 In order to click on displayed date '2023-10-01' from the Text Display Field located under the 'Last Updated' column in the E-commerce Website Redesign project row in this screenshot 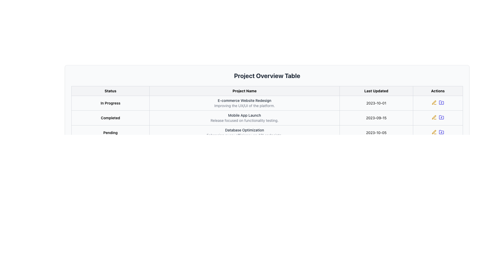, I will do `click(376, 103)`.